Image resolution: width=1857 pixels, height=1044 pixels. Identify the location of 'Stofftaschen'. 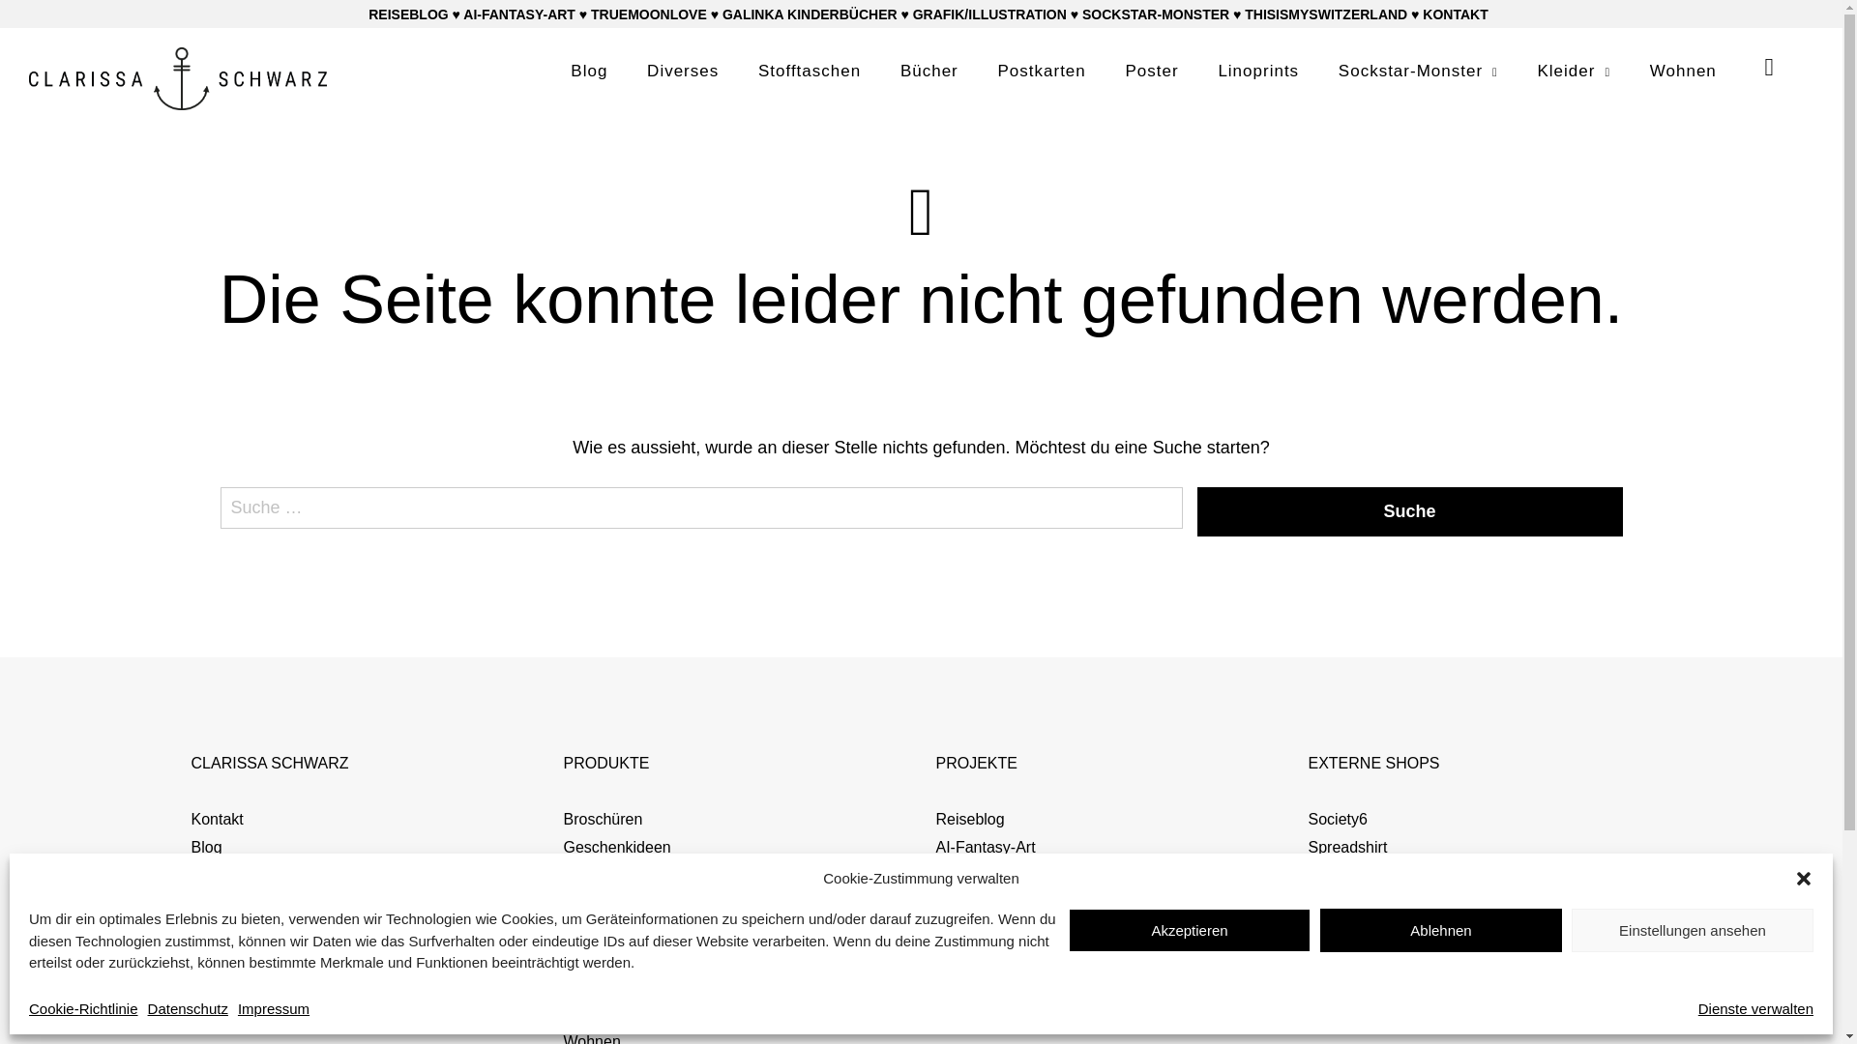
(756, 70).